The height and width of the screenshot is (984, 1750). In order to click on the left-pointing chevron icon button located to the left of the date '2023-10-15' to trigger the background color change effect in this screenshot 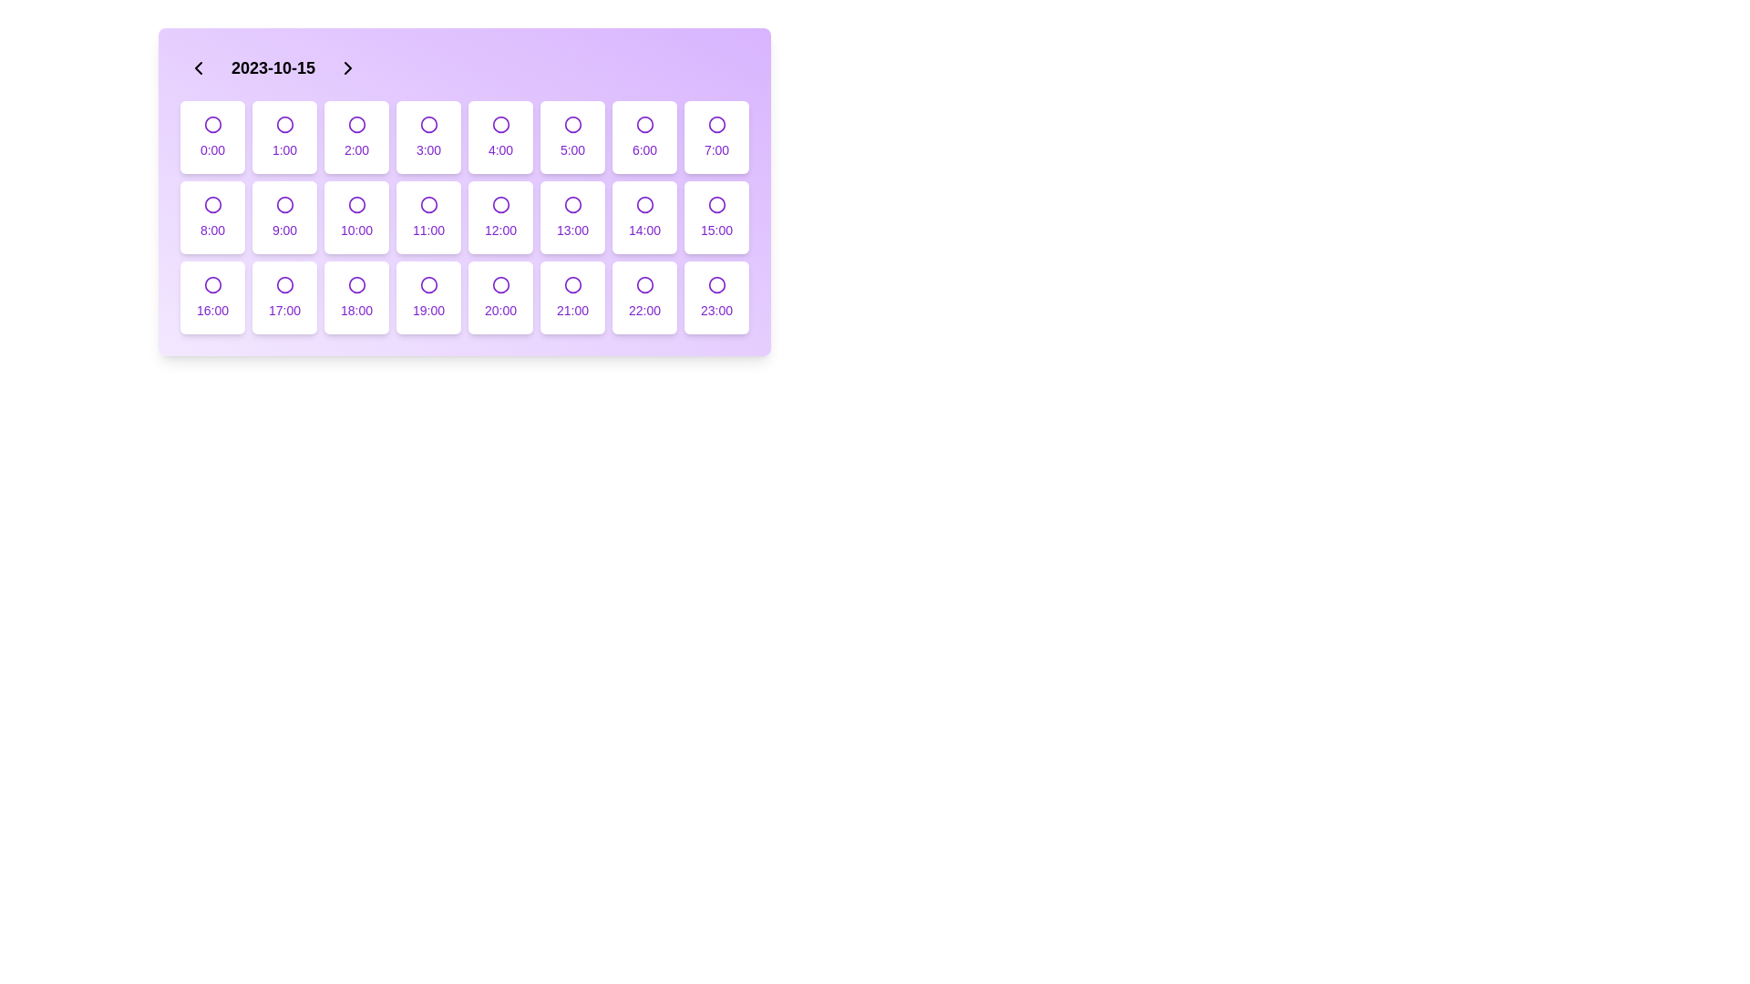, I will do `click(198, 67)`.